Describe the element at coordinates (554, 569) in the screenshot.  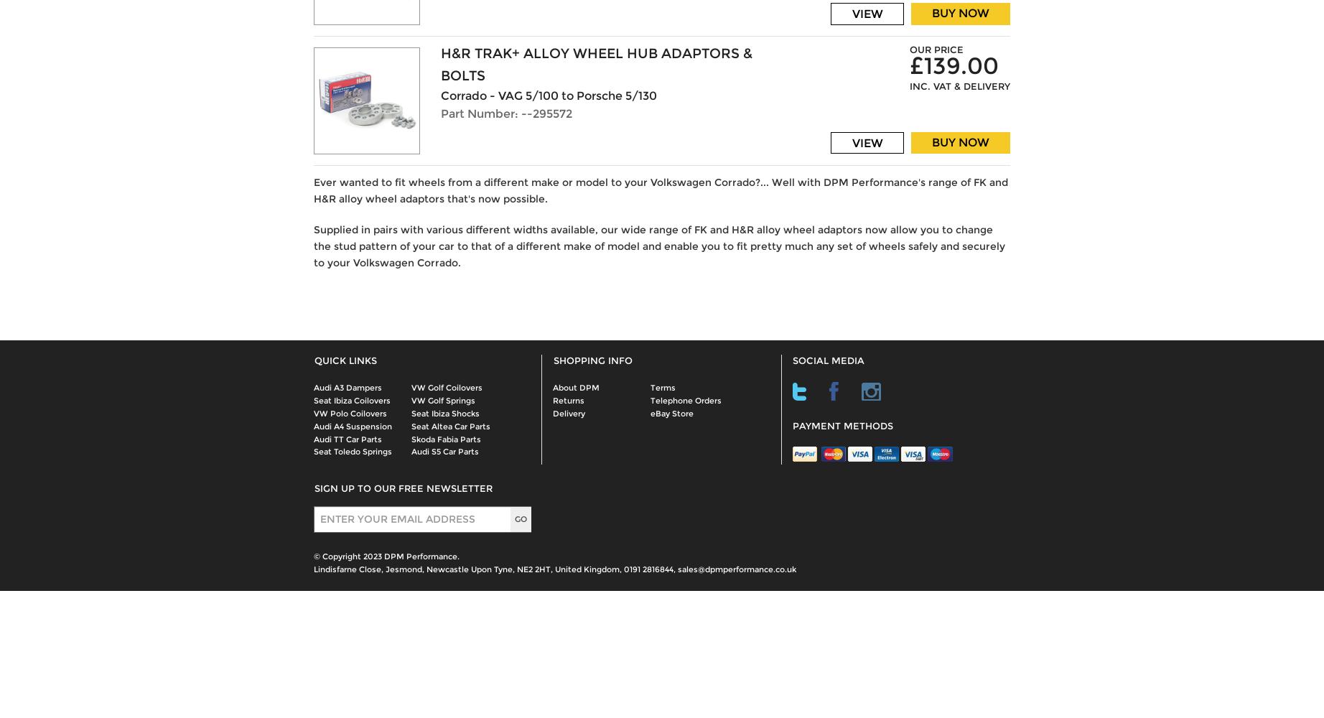
I see `'Lindisfarne Close, Jesmond, Newcastle Upon Tyne, NE2 2HT, United Kingdom, 0191 2816844, sales@dpmperformance.co.uk'` at that location.